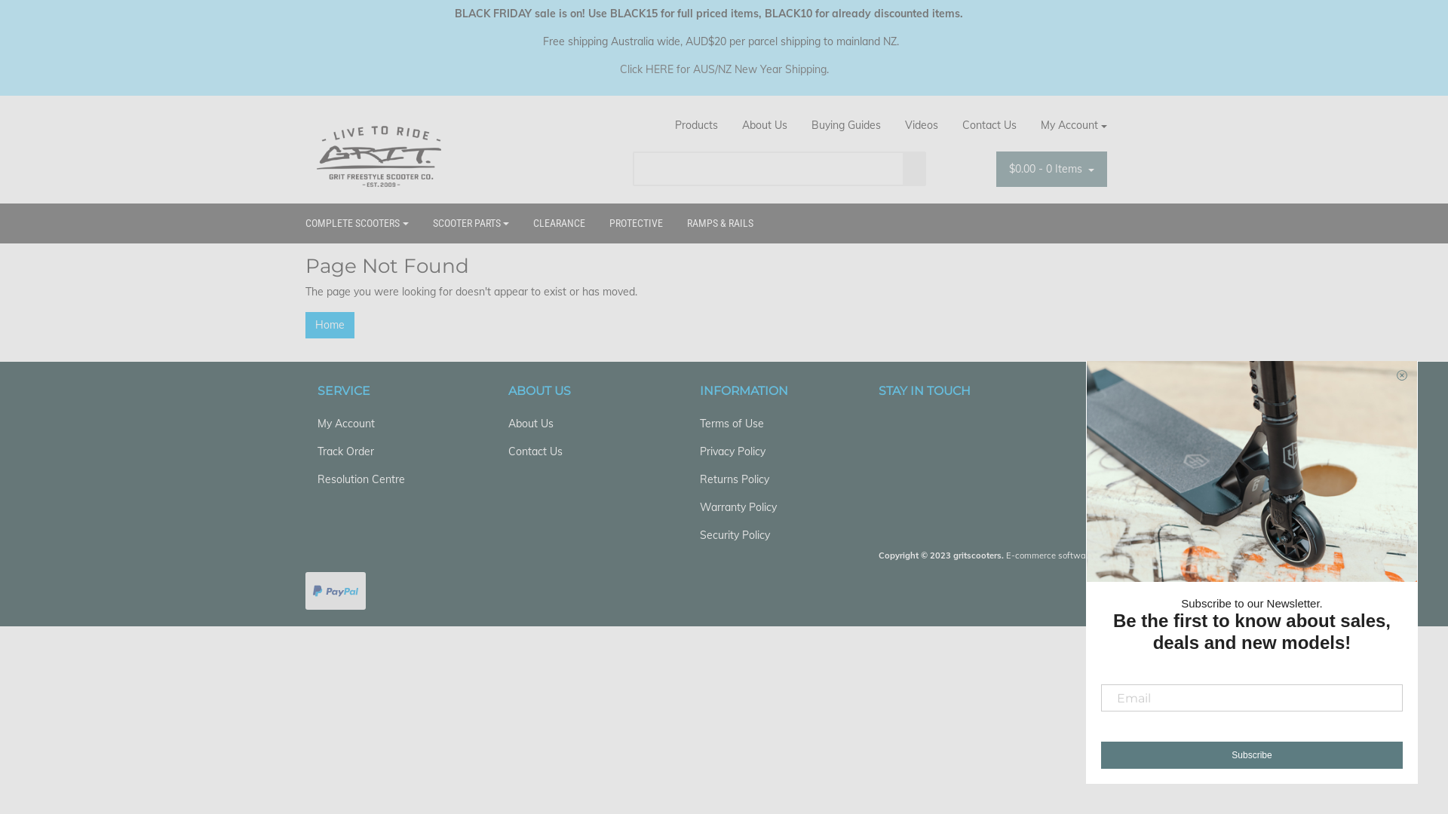 Image resolution: width=1448 pixels, height=814 pixels. What do you see at coordinates (329, 324) in the screenshot?
I see `'Home'` at bounding box center [329, 324].